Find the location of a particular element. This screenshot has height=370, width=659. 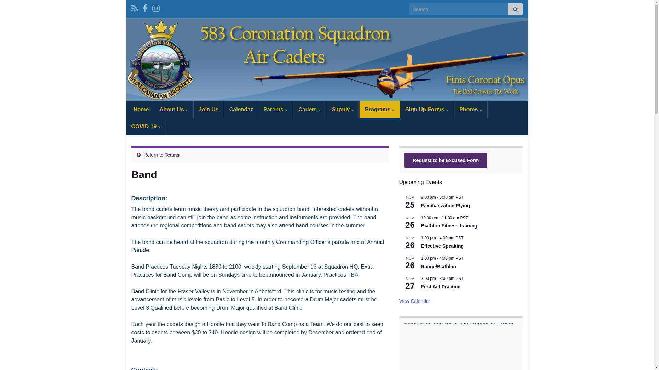

'Effective Speaking' is located at coordinates (442, 246).